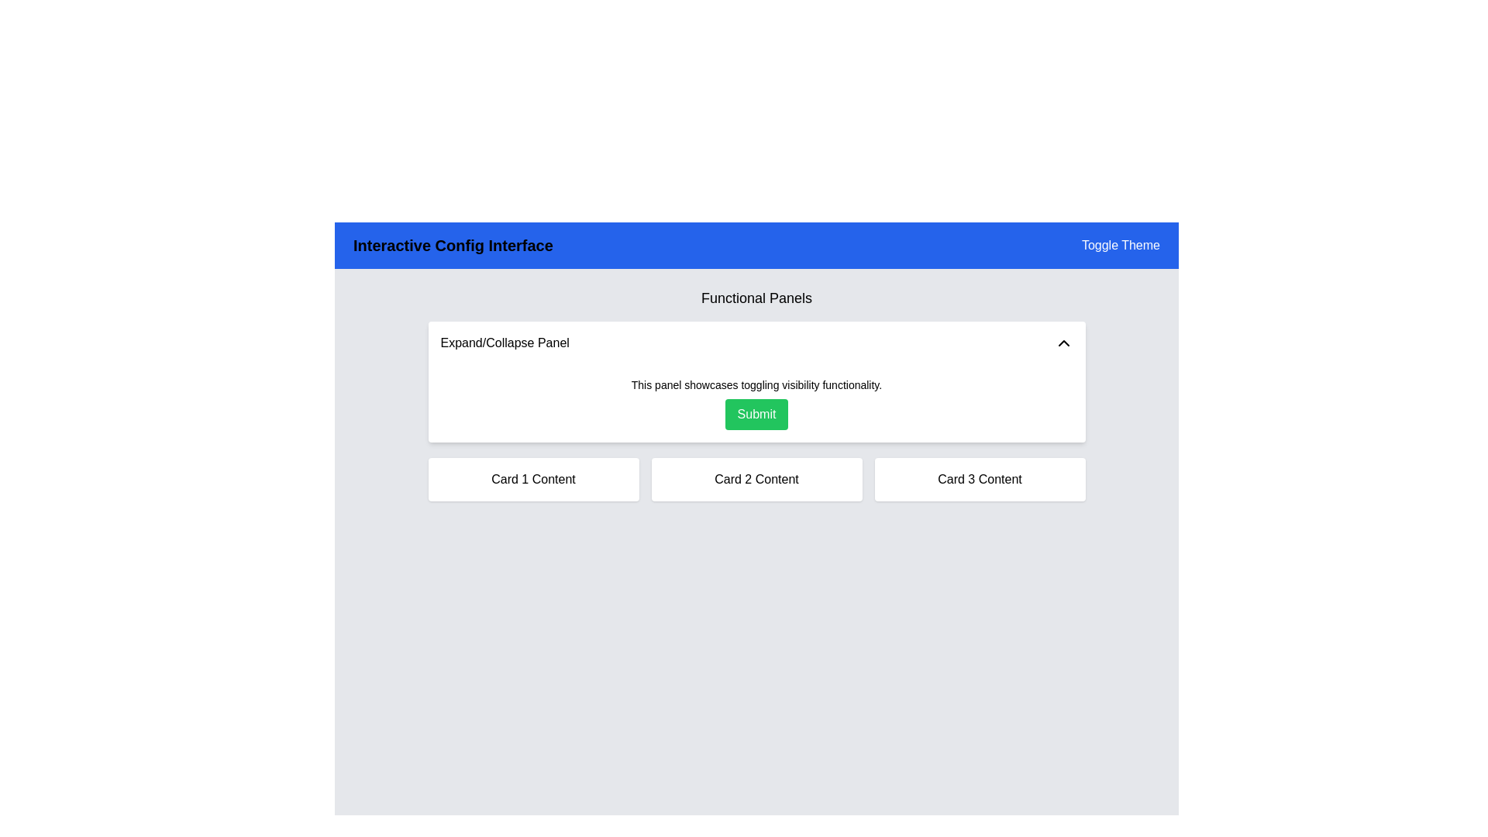 This screenshot has width=1488, height=837. What do you see at coordinates (756, 382) in the screenshot?
I see `the 'Submit' button located at the bottom of the Collapsible panel within the 'Functional Panels' section` at bounding box center [756, 382].